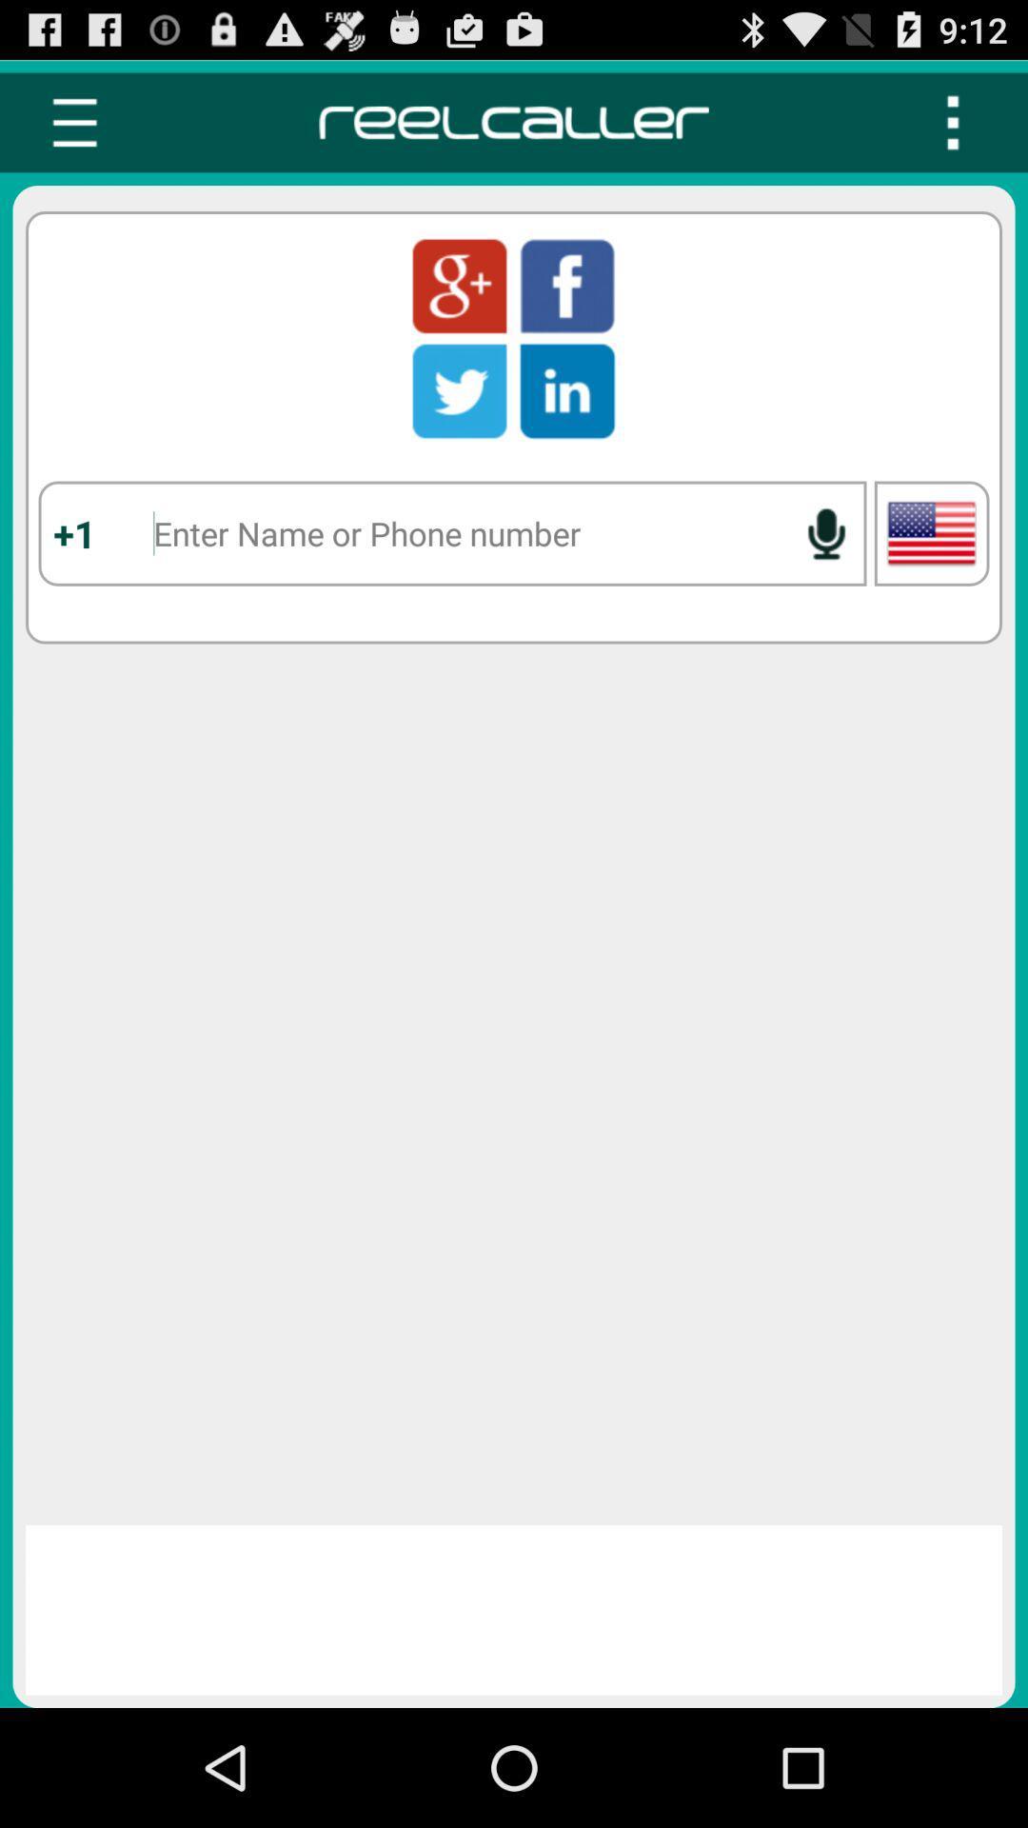 The width and height of the screenshot is (1028, 1828). I want to click on the twitter icon, so click(459, 417).